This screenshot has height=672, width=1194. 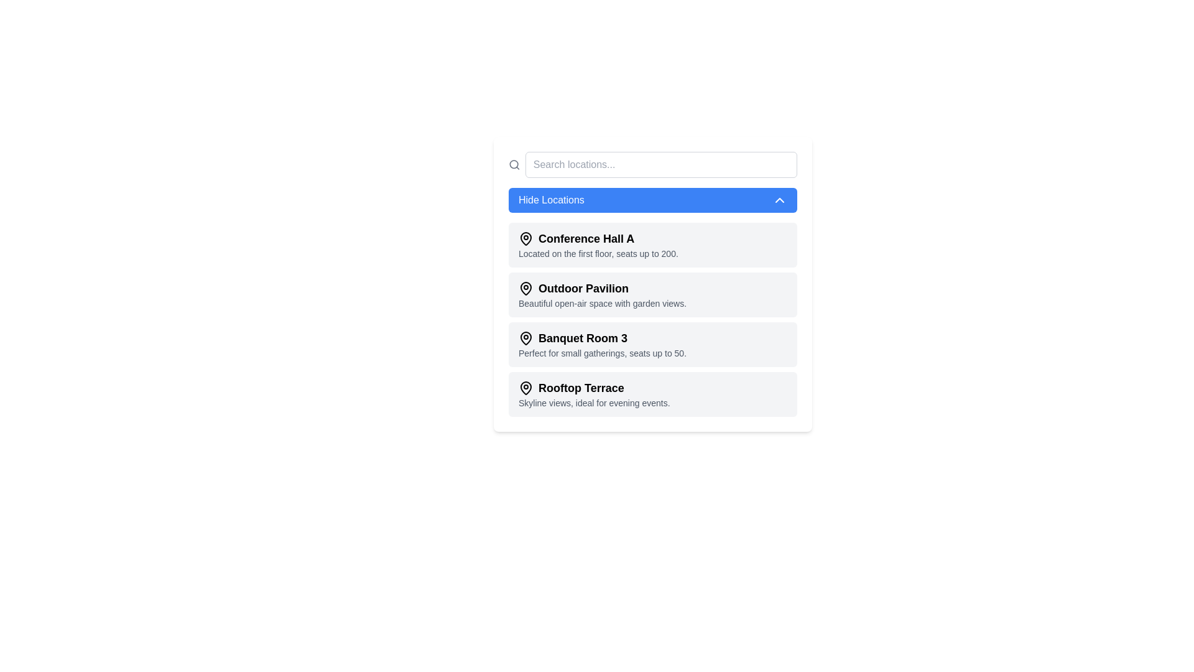 I want to click on the text label that serves as a heading for the second item in the vertically stacked list of locations, so click(x=603, y=288).